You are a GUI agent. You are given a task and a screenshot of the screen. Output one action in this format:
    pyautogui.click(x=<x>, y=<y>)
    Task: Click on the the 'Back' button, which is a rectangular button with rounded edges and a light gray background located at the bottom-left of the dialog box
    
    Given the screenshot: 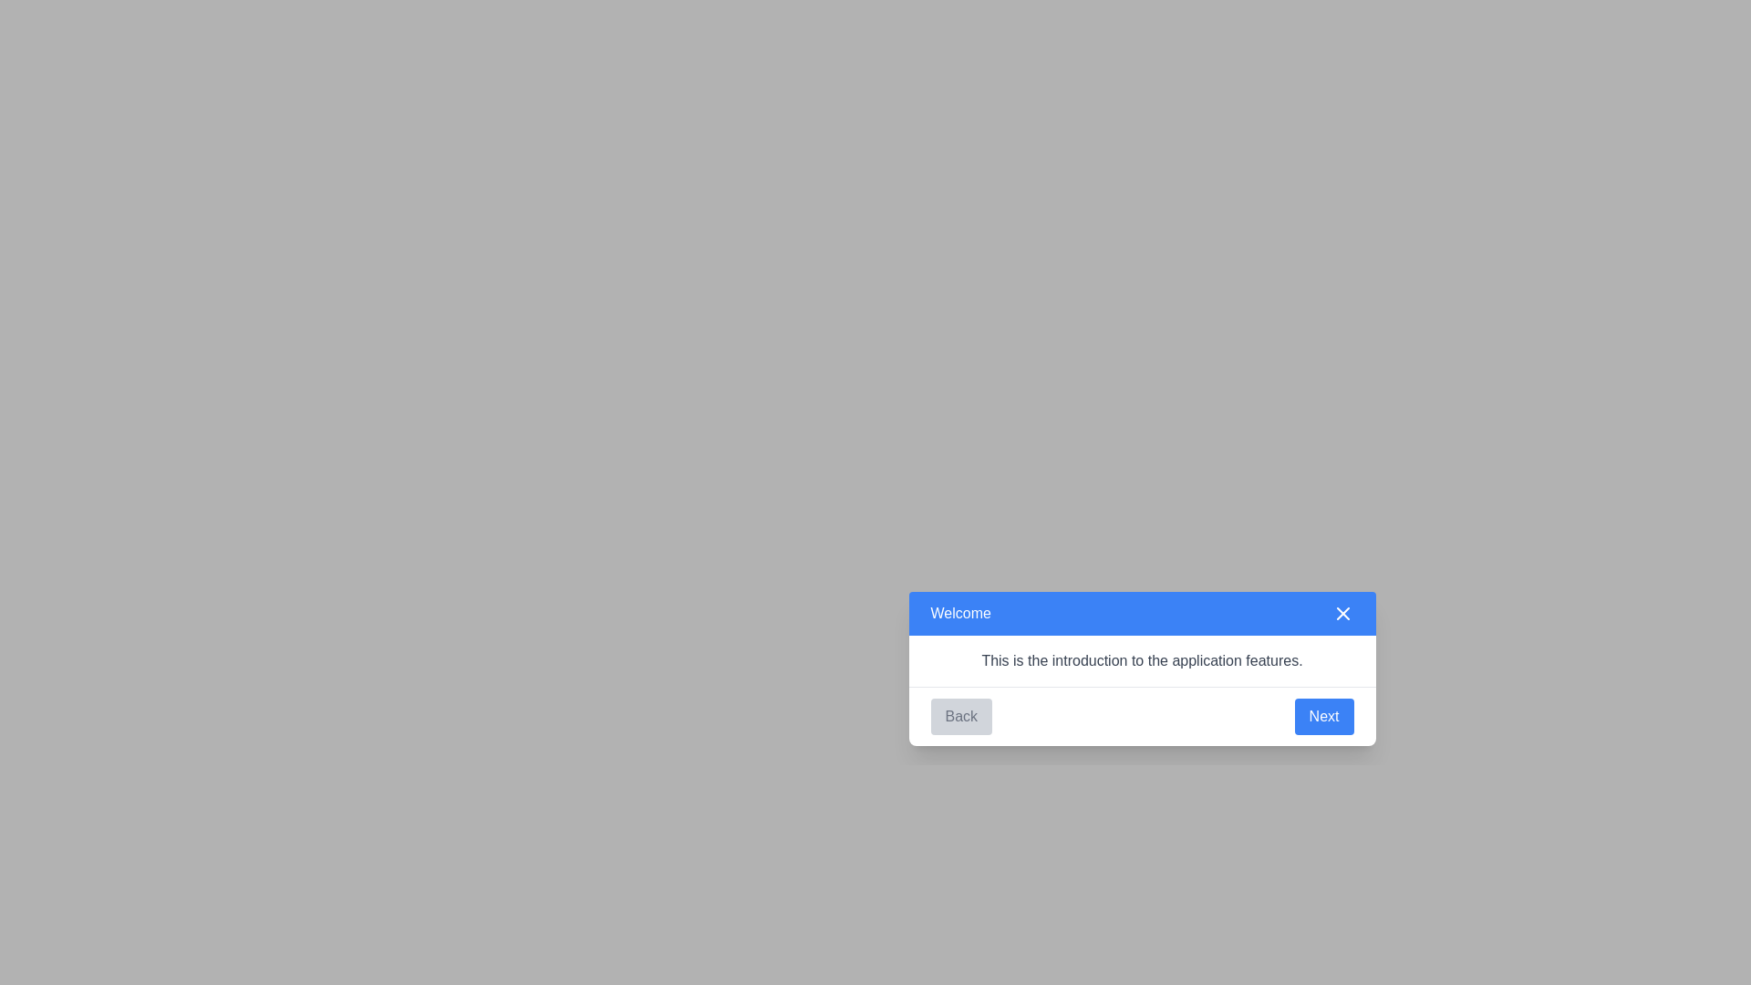 What is the action you would take?
    pyautogui.click(x=960, y=715)
    